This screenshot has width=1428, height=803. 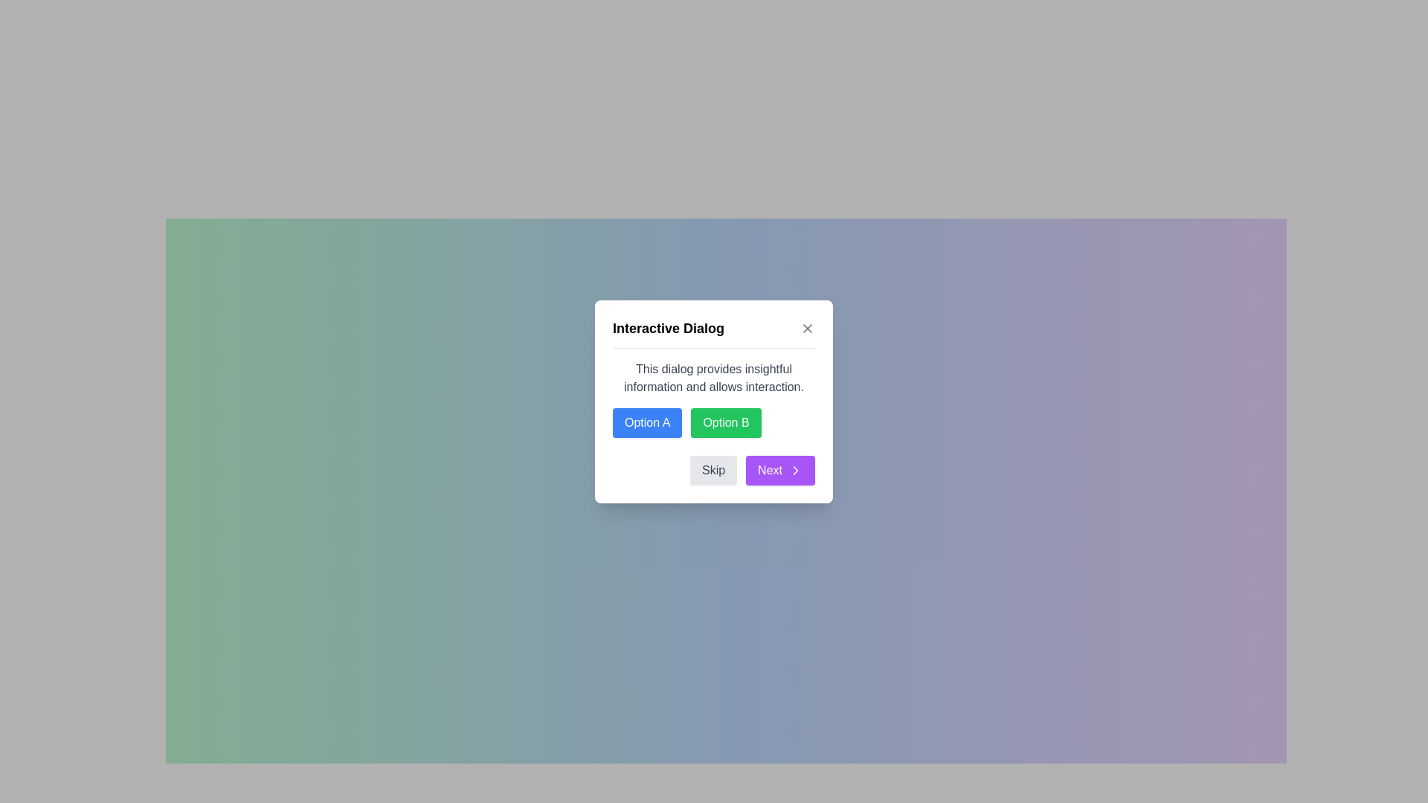 I want to click on the 'Option A' button located in the dialog box, positioned to the left of 'Option B', so click(x=647, y=422).